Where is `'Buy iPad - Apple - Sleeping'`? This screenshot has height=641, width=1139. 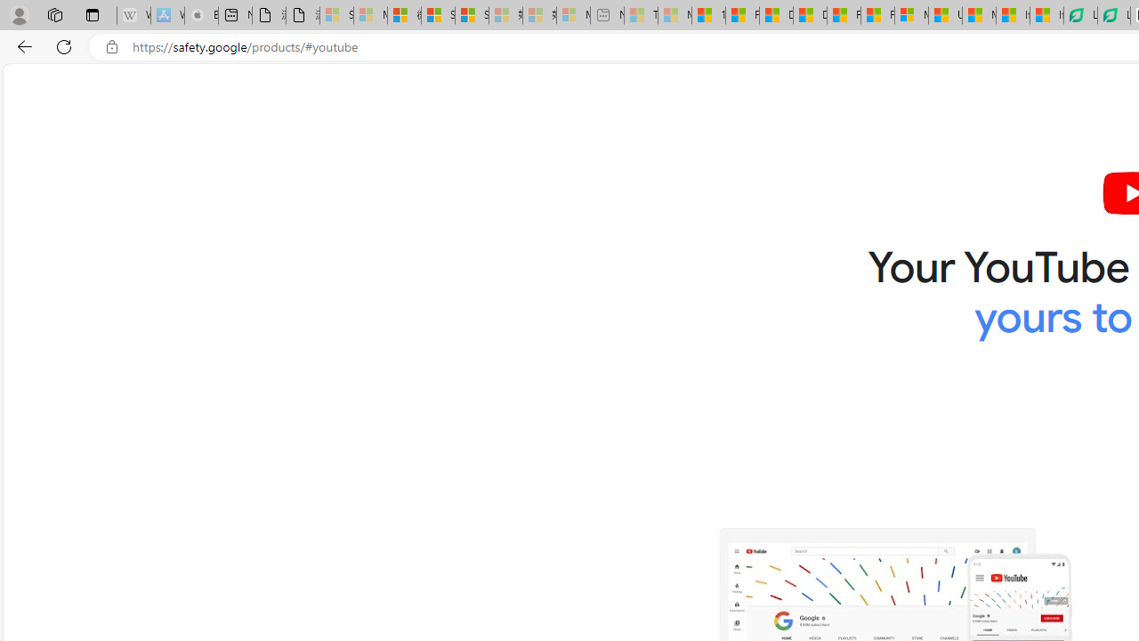 'Buy iPad - Apple - Sleeping' is located at coordinates (200, 15).